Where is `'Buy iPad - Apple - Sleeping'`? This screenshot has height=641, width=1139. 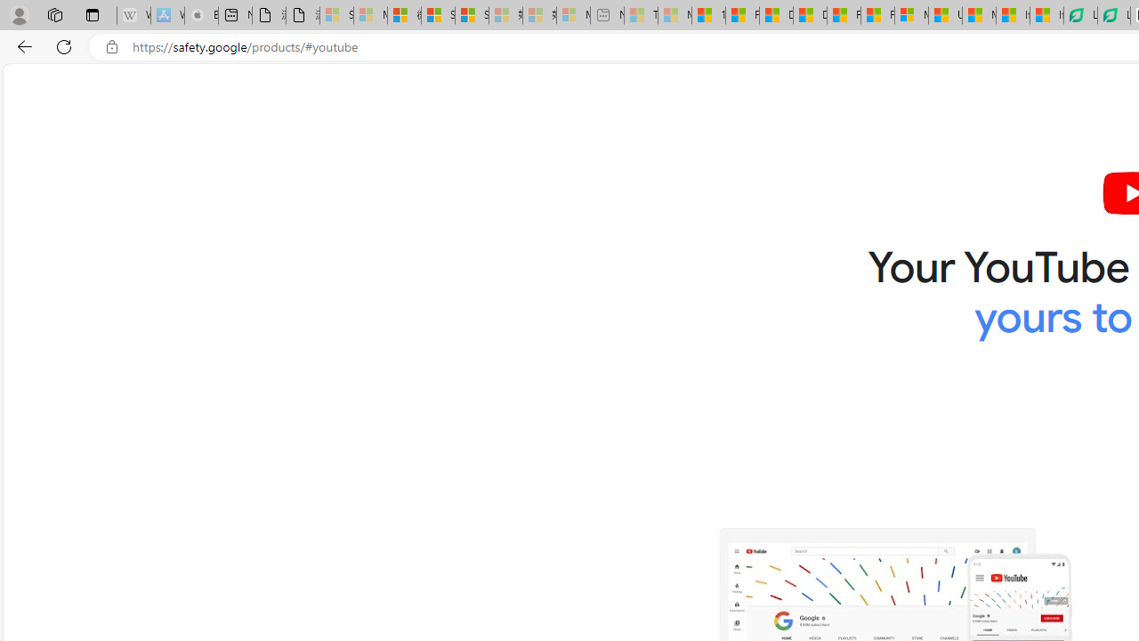 'Buy iPad - Apple - Sleeping' is located at coordinates (200, 15).